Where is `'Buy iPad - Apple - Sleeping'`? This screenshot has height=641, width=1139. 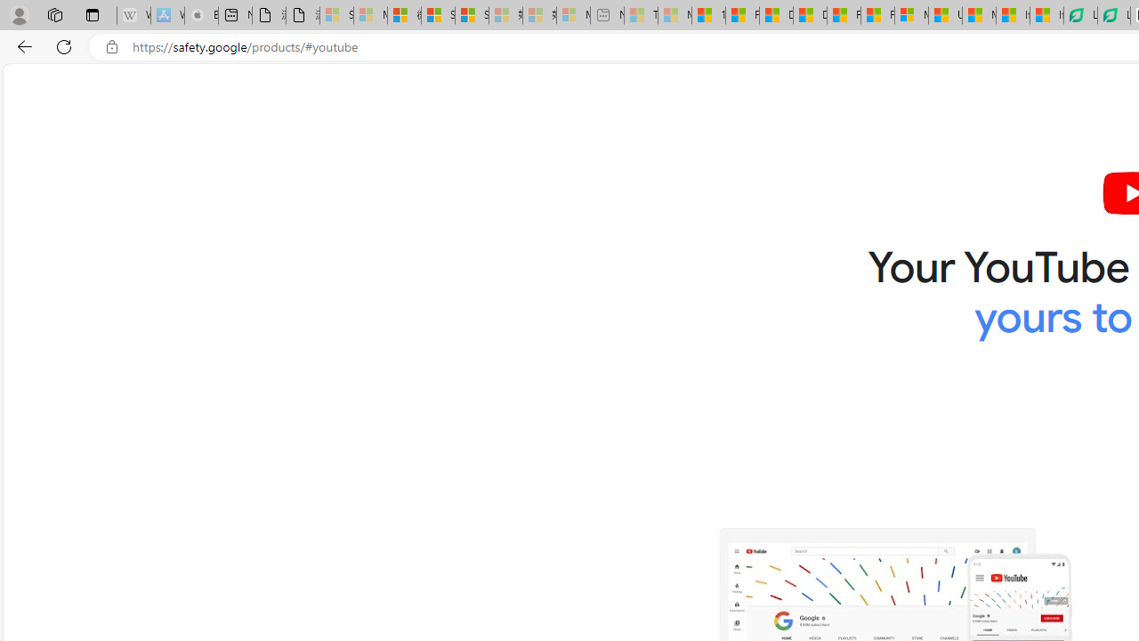 'Buy iPad - Apple - Sleeping' is located at coordinates (200, 15).